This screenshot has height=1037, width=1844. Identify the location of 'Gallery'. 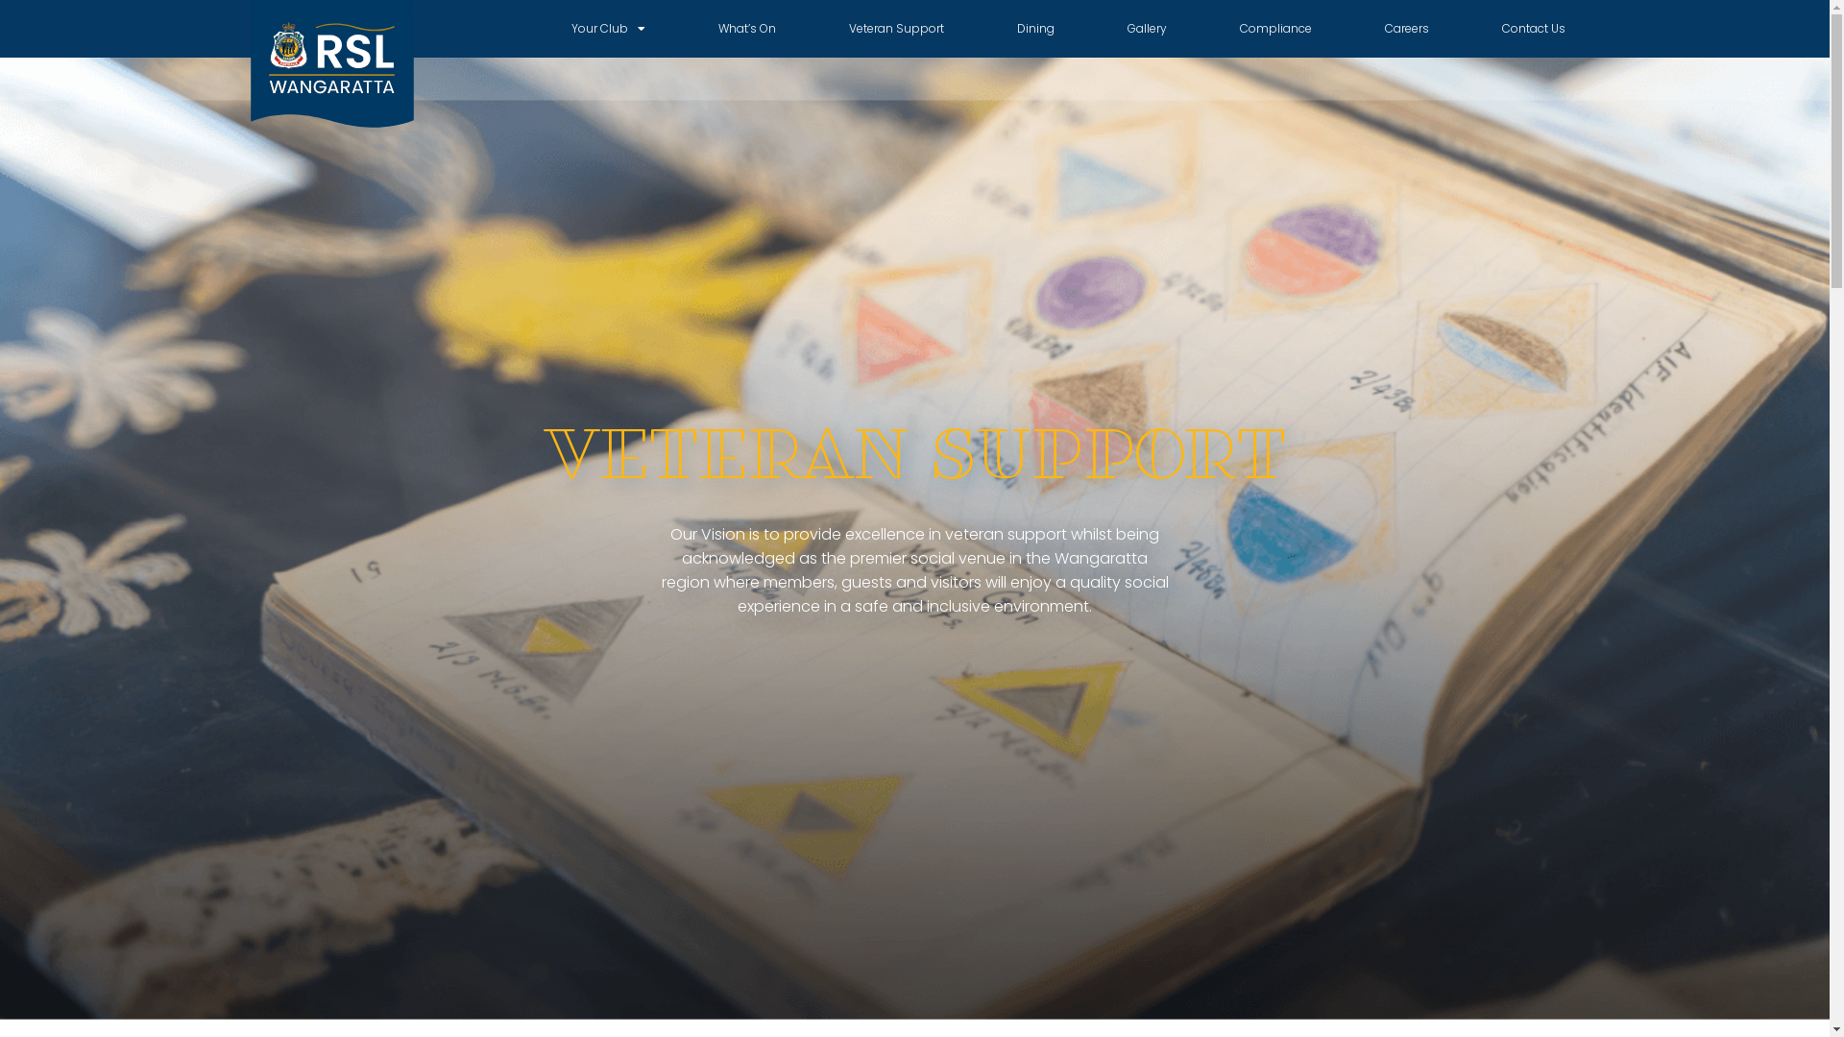
(1147, 29).